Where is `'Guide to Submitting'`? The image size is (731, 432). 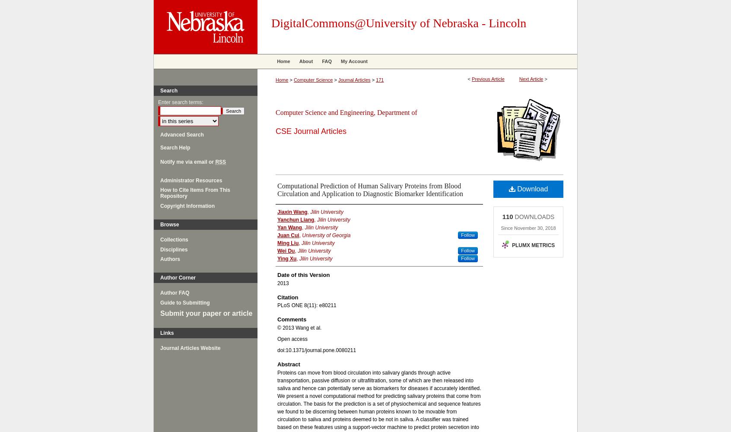
'Guide to Submitting' is located at coordinates (184, 302).